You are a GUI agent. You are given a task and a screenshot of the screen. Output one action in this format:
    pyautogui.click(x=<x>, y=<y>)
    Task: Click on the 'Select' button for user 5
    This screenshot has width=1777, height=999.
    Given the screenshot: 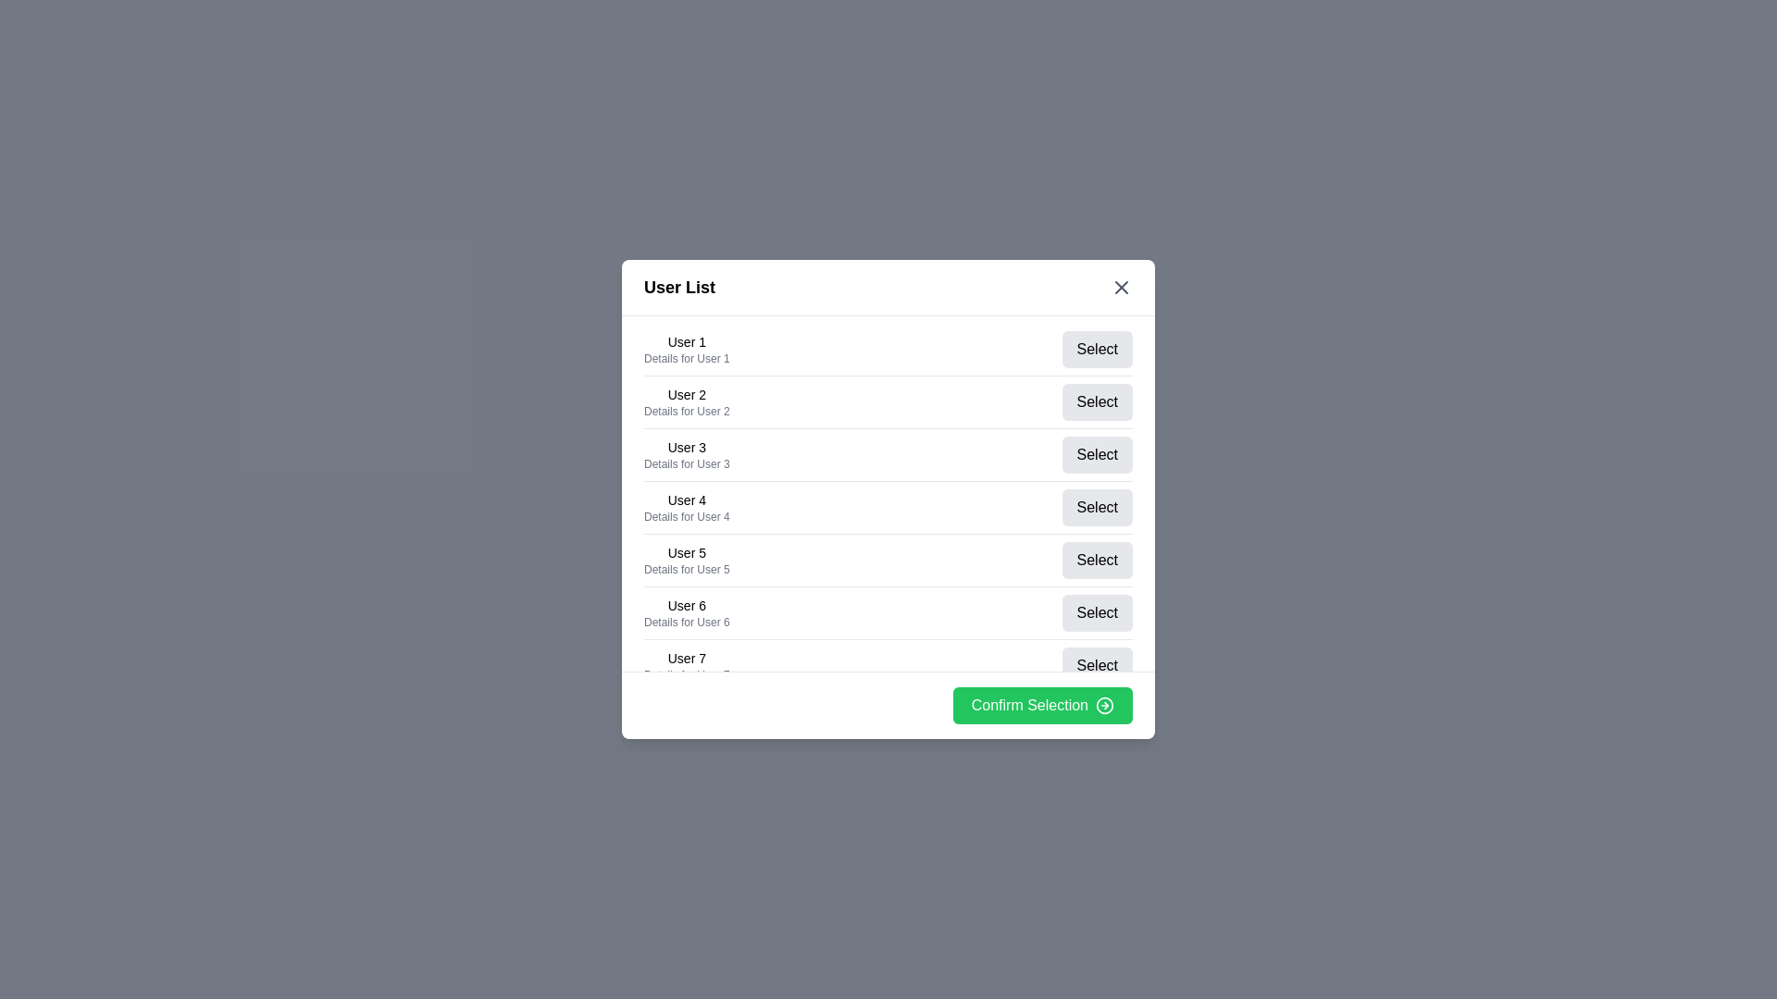 What is the action you would take?
    pyautogui.click(x=1097, y=559)
    